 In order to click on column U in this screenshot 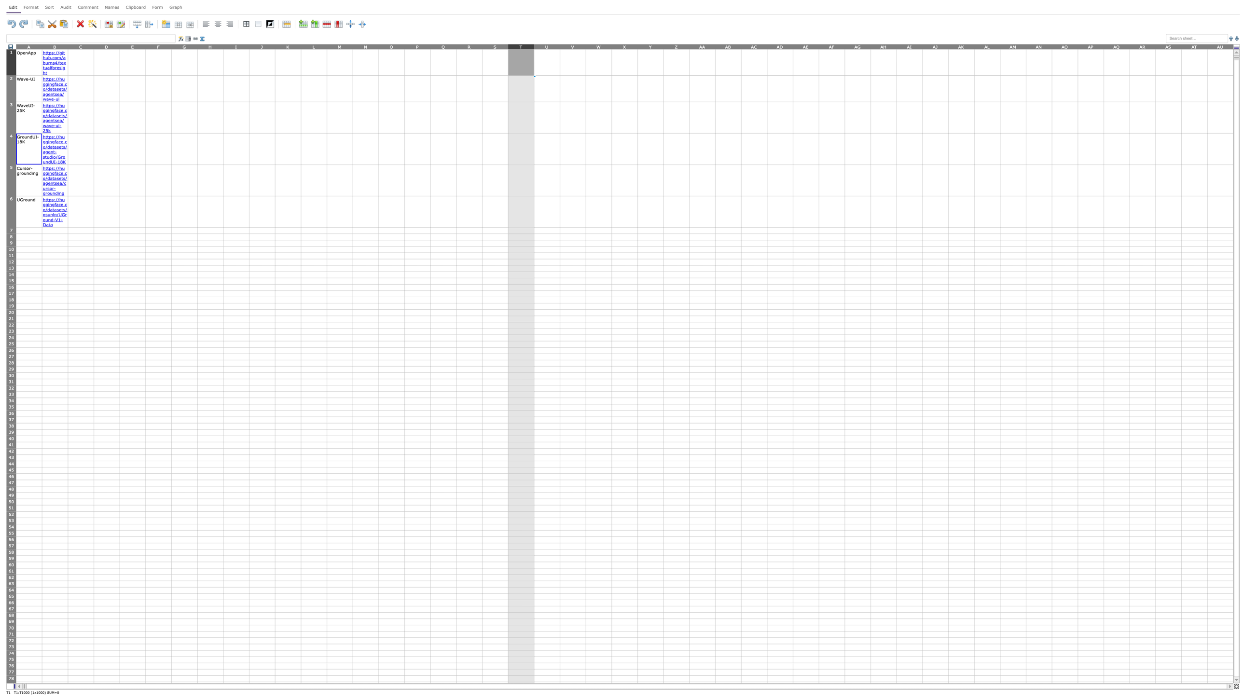, I will do `click(546, 46)`.